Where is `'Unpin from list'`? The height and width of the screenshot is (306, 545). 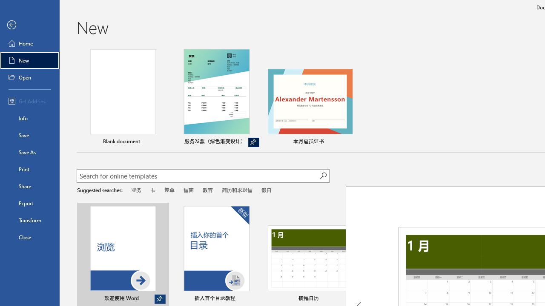 'Unpin from list' is located at coordinates (253, 142).